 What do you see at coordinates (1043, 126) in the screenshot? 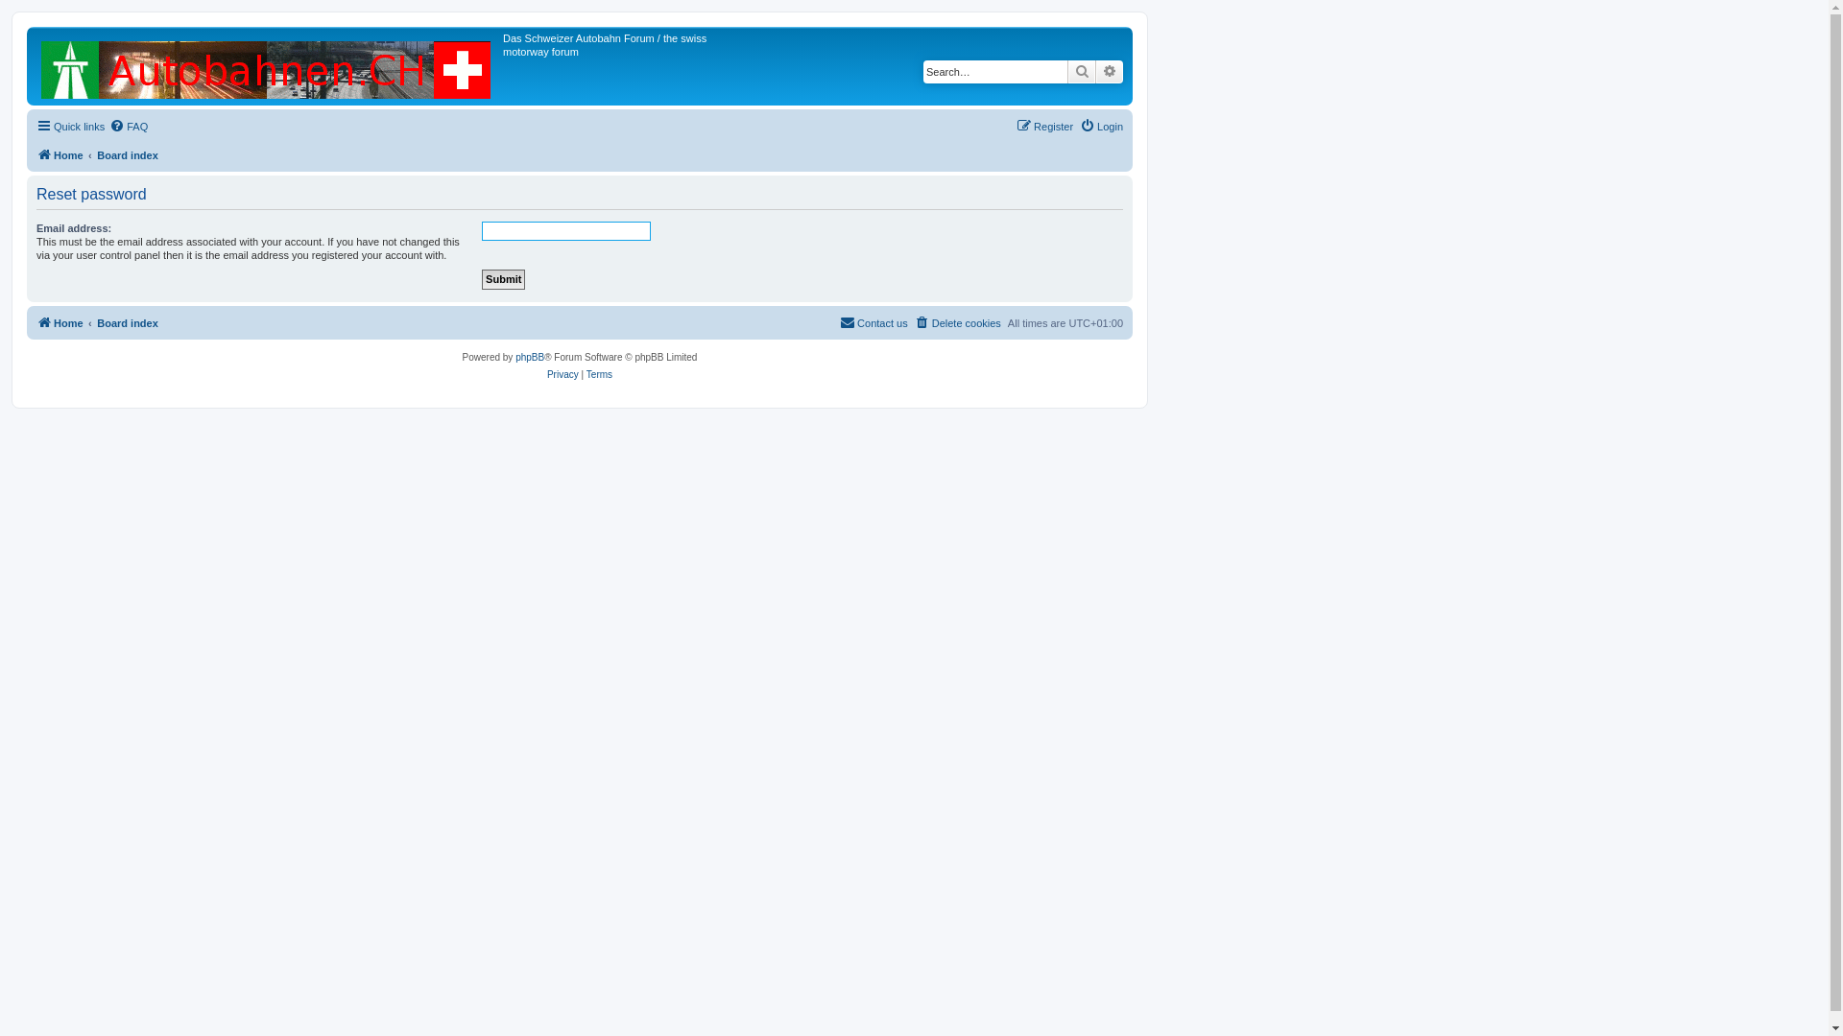
I see `'Register'` at bounding box center [1043, 126].